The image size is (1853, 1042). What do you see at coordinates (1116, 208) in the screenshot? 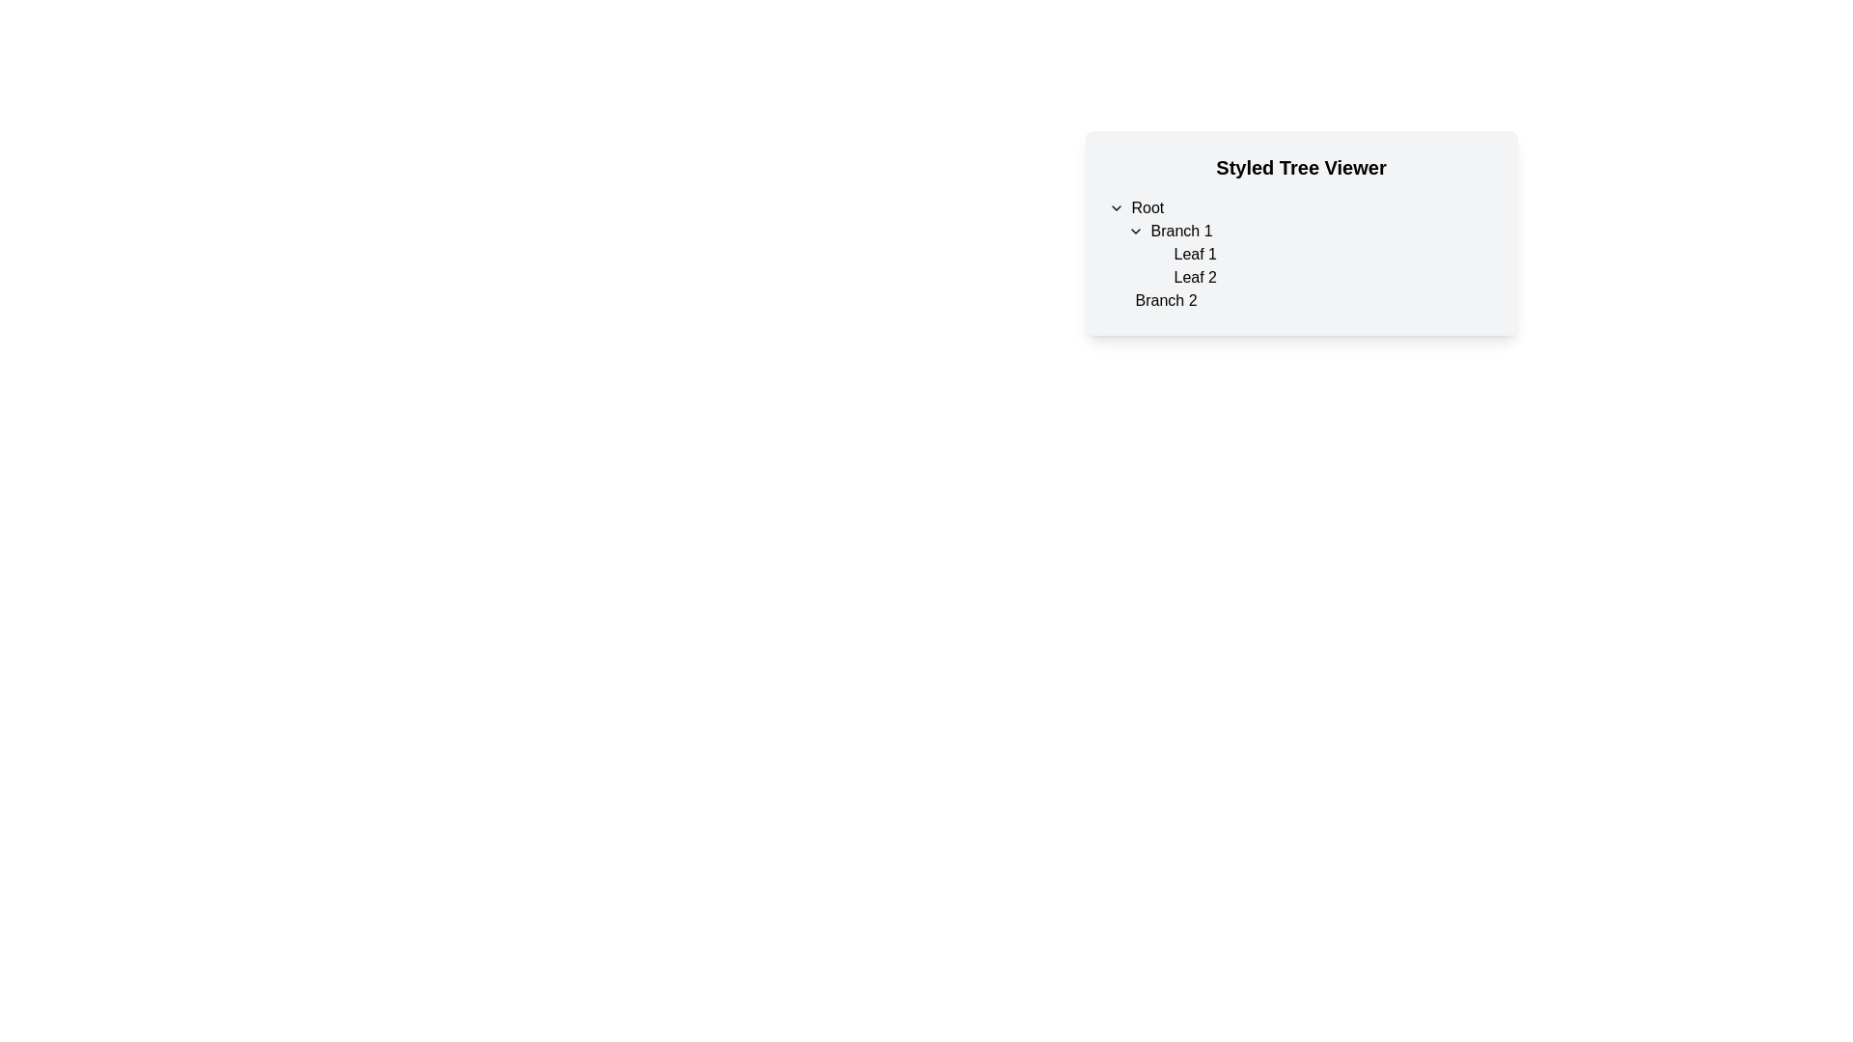
I see `the small black downward-pointing chevron icon located beside the 'Root' label in the tree viewer interface` at bounding box center [1116, 208].